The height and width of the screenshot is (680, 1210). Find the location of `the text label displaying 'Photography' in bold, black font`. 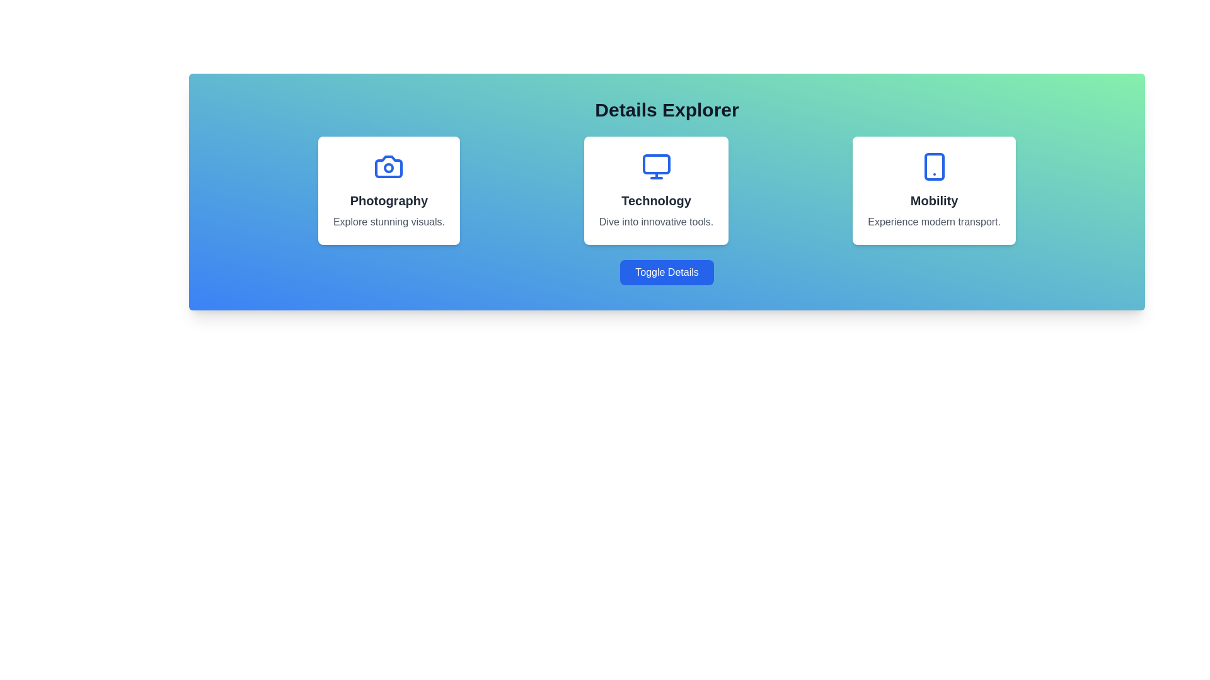

the text label displaying 'Photography' in bold, black font is located at coordinates (388, 200).